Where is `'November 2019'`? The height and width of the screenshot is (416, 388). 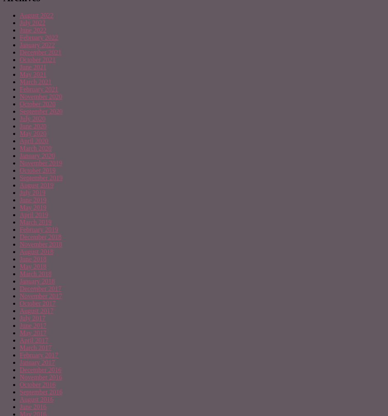 'November 2019' is located at coordinates (40, 162).